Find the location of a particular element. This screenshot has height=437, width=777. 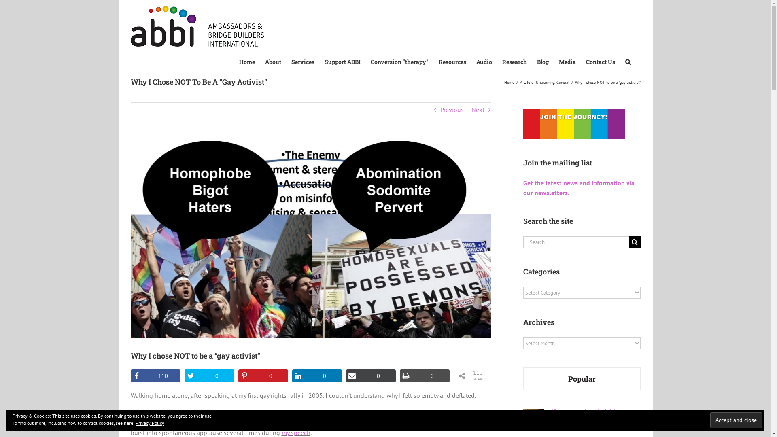

'110' is located at coordinates (155, 376).